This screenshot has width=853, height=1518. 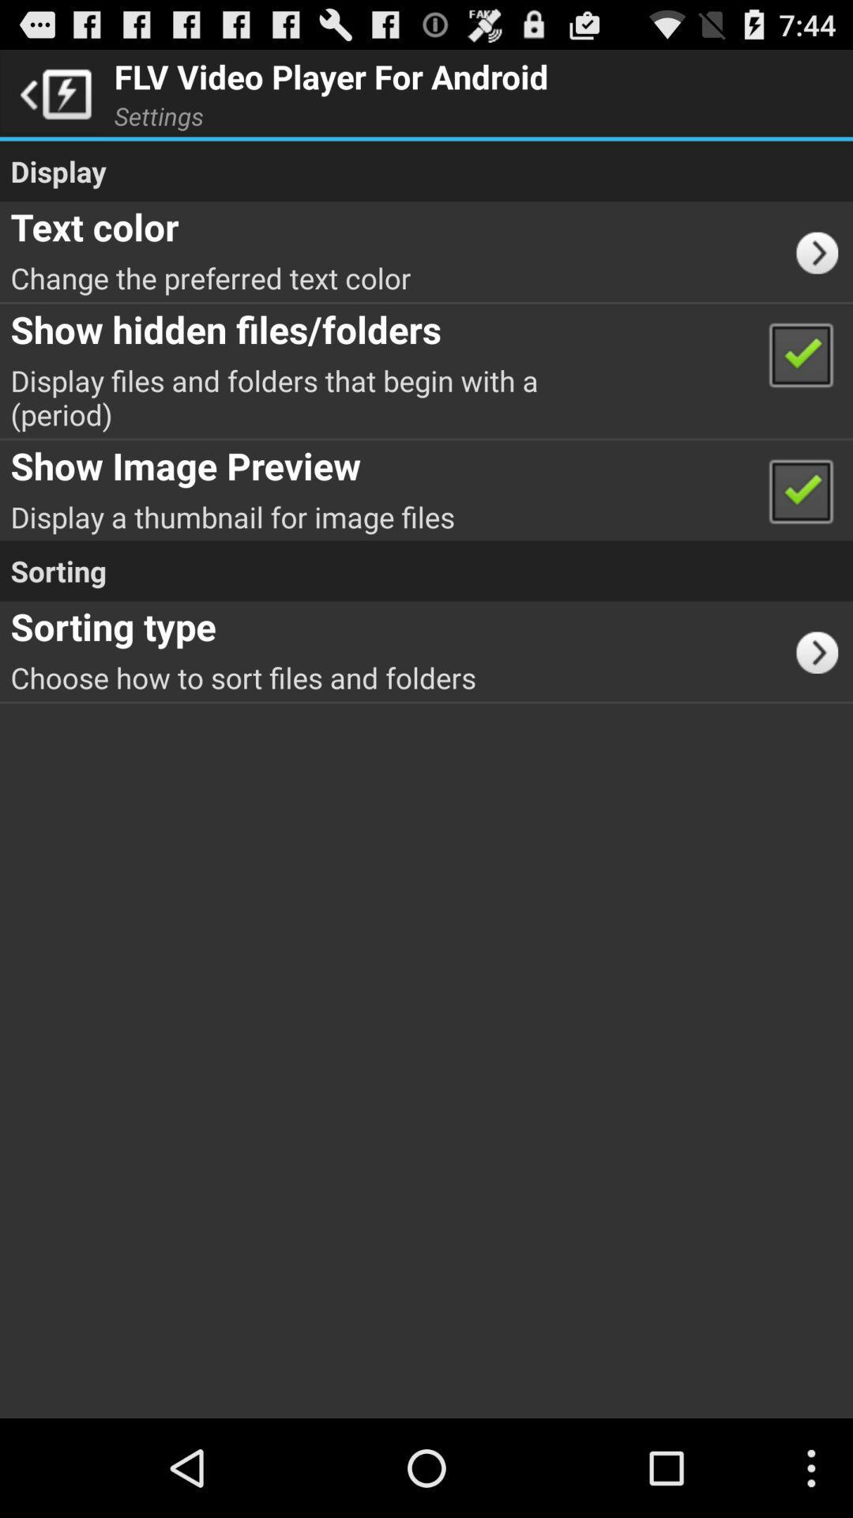 What do you see at coordinates (822, 651) in the screenshot?
I see `the app to the right of the choose how to` at bounding box center [822, 651].